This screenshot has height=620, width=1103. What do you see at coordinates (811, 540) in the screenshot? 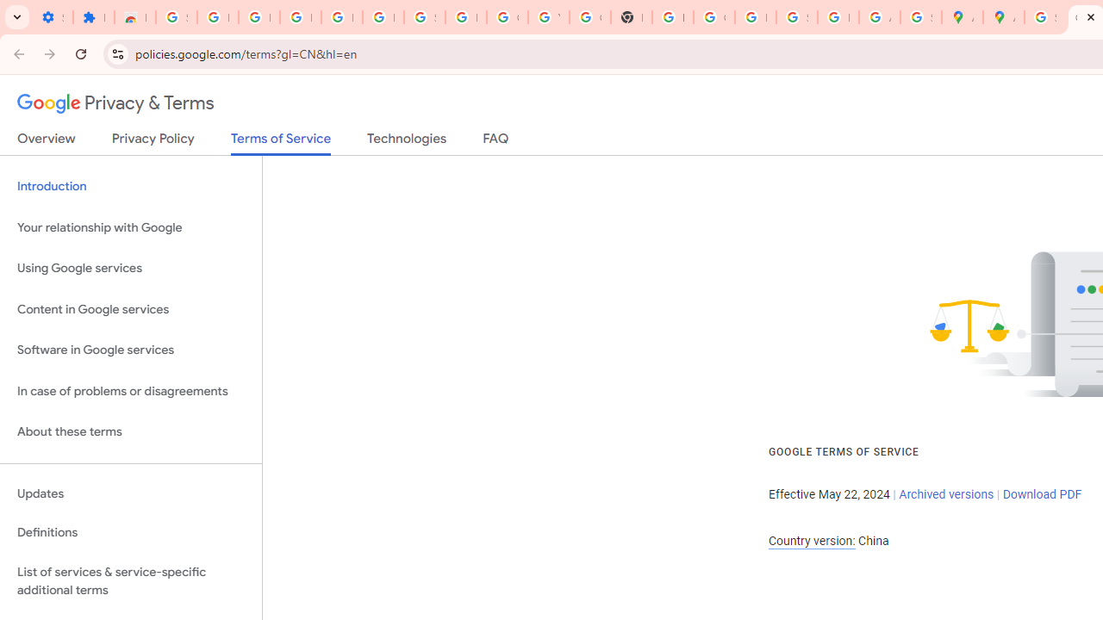
I see `'Country version:'` at bounding box center [811, 540].